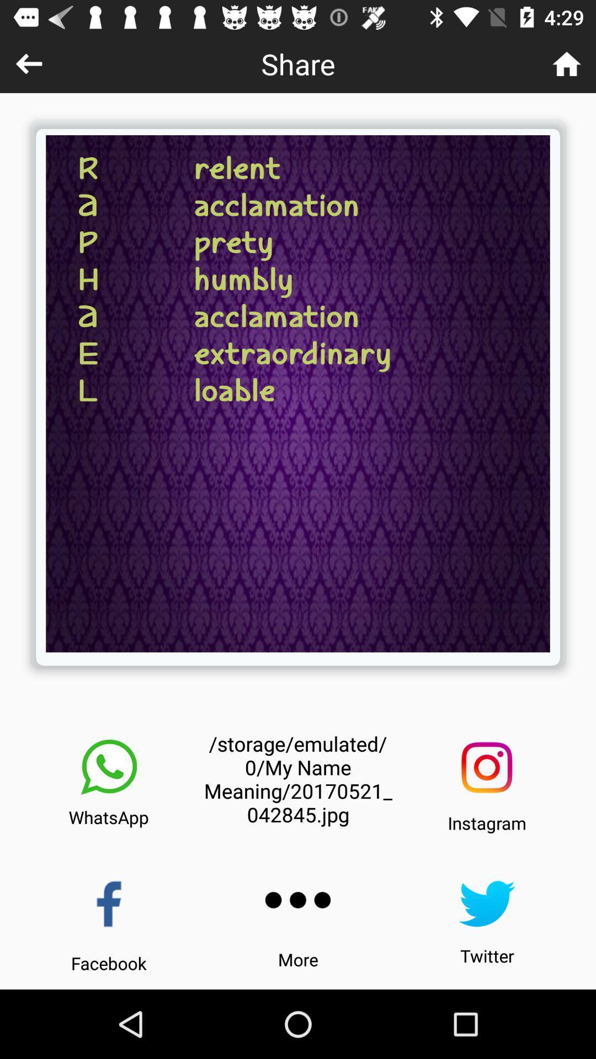 Image resolution: width=596 pixels, height=1059 pixels. Describe the element at coordinates (109, 767) in the screenshot. I see `the icon to the left of the storage emulated 0 icon` at that location.